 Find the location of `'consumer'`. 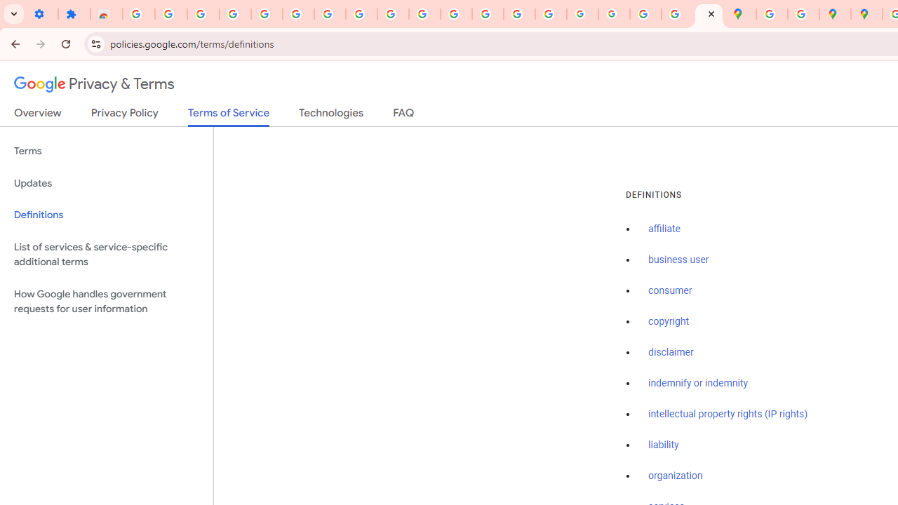

'consumer' is located at coordinates (669, 290).